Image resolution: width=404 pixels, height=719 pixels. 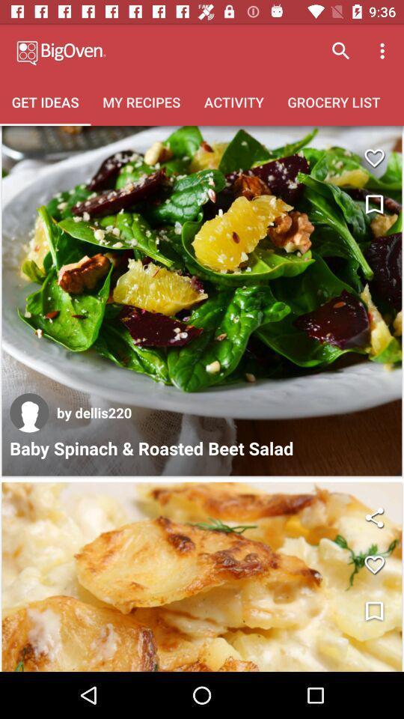 I want to click on explore the recipe, so click(x=202, y=576).